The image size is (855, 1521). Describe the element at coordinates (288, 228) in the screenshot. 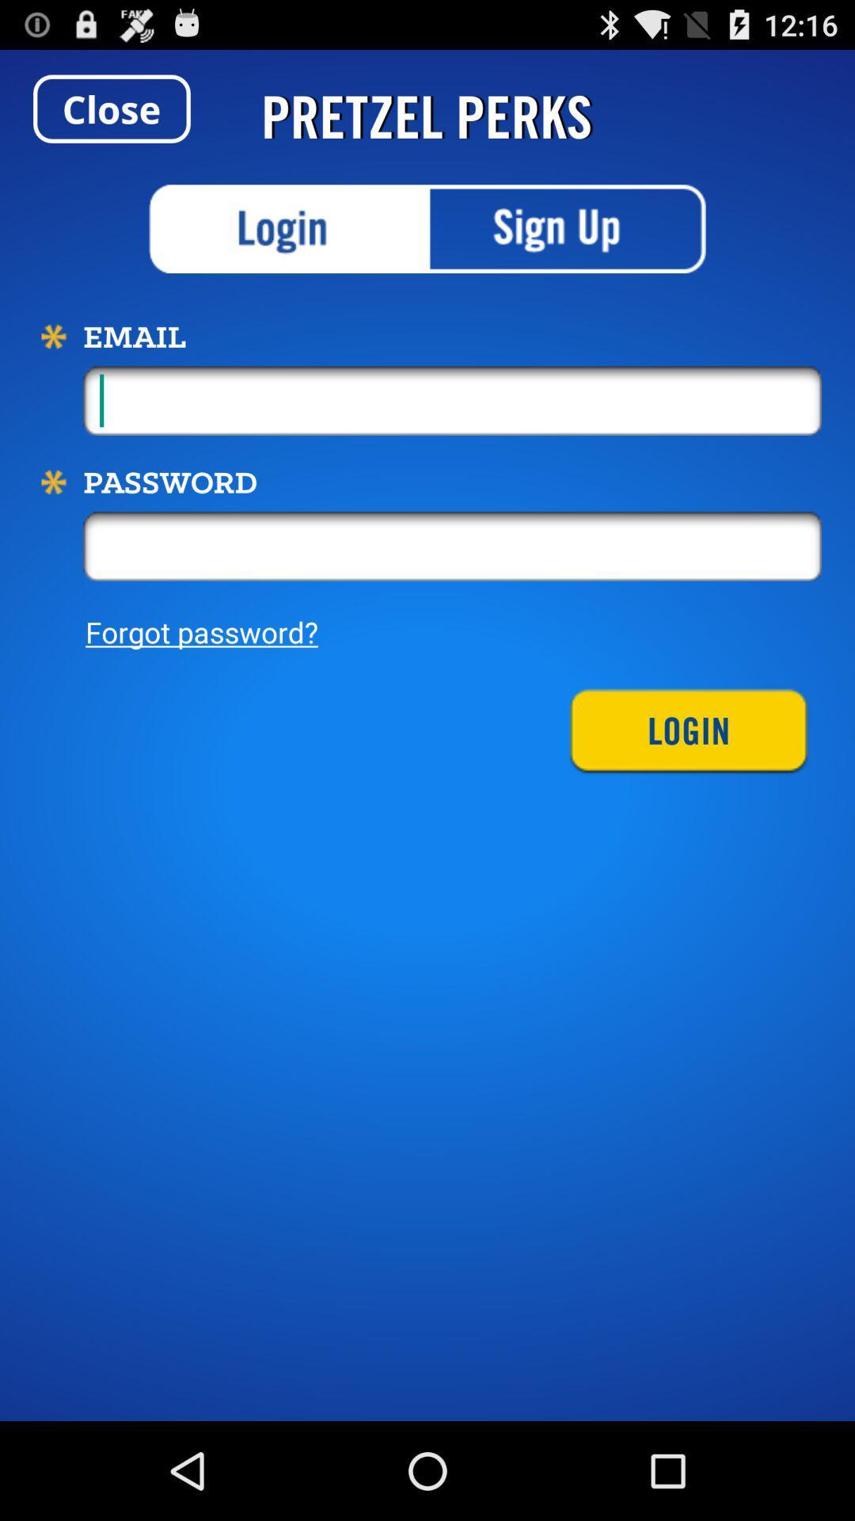

I see `login` at that location.